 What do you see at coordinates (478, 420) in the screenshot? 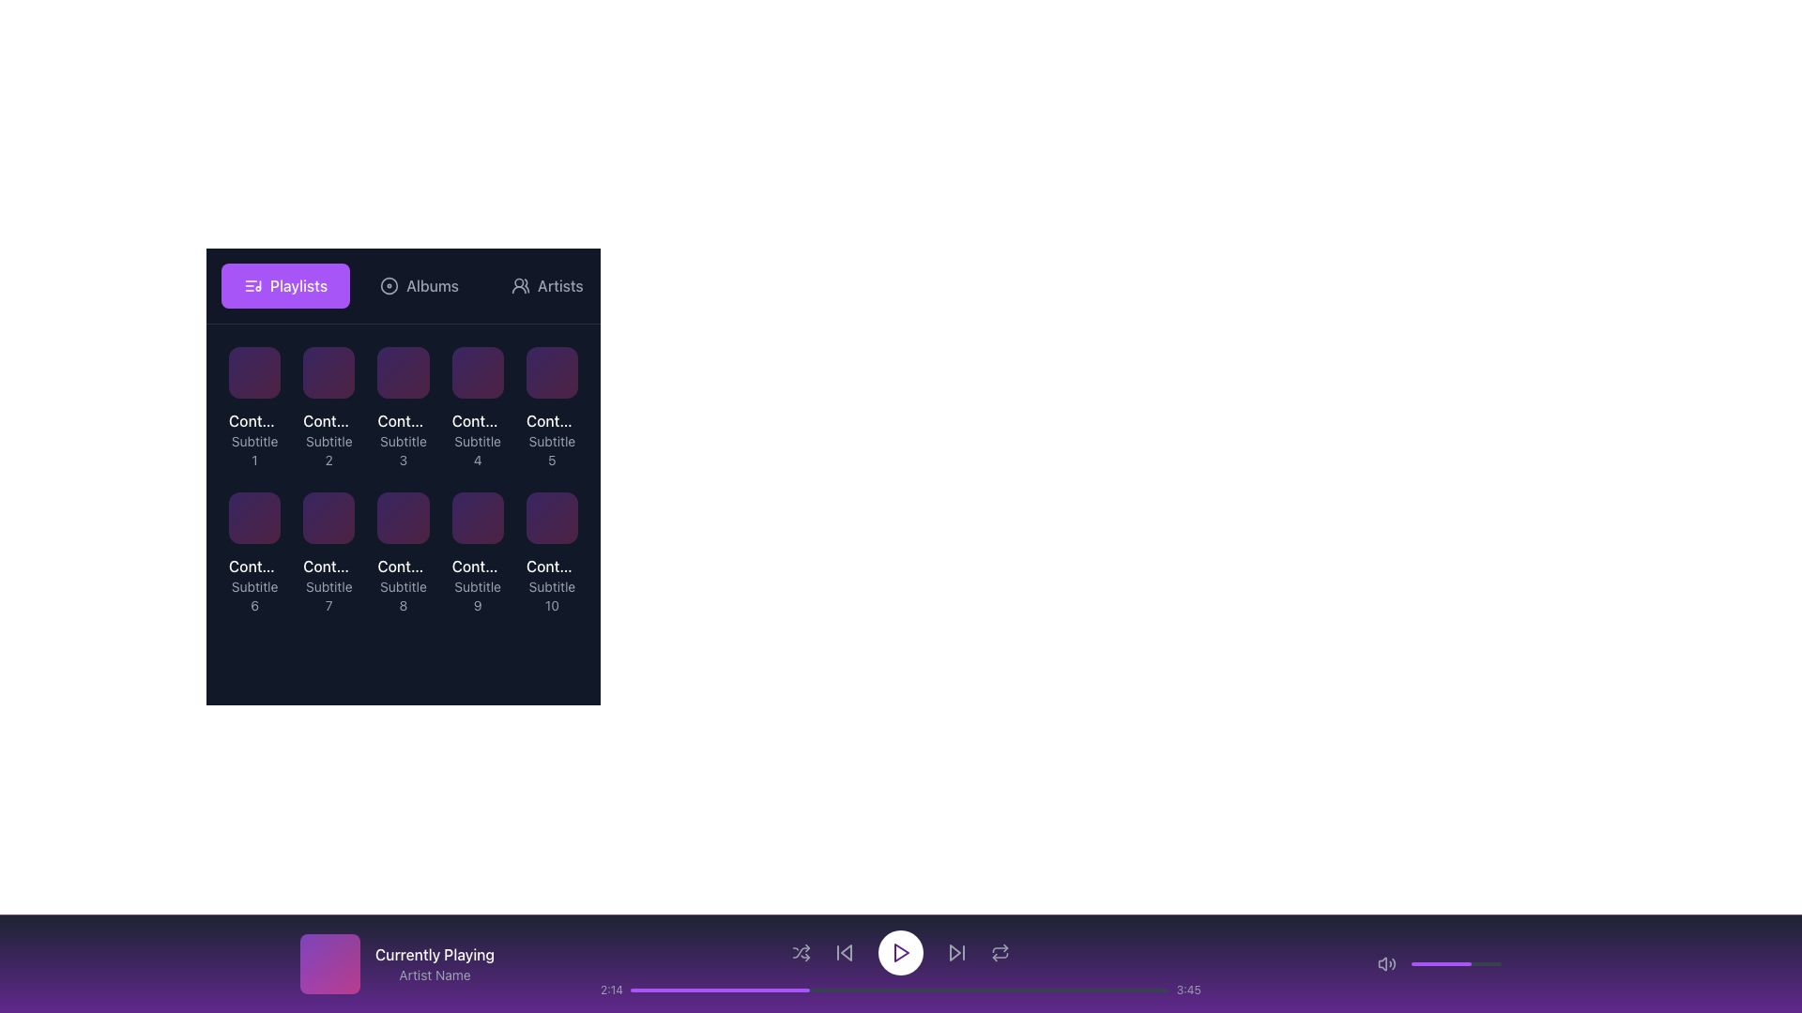
I see `the title text label of the fourth card in the grid under the 'Playlists' header` at bounding box center [478, 420].